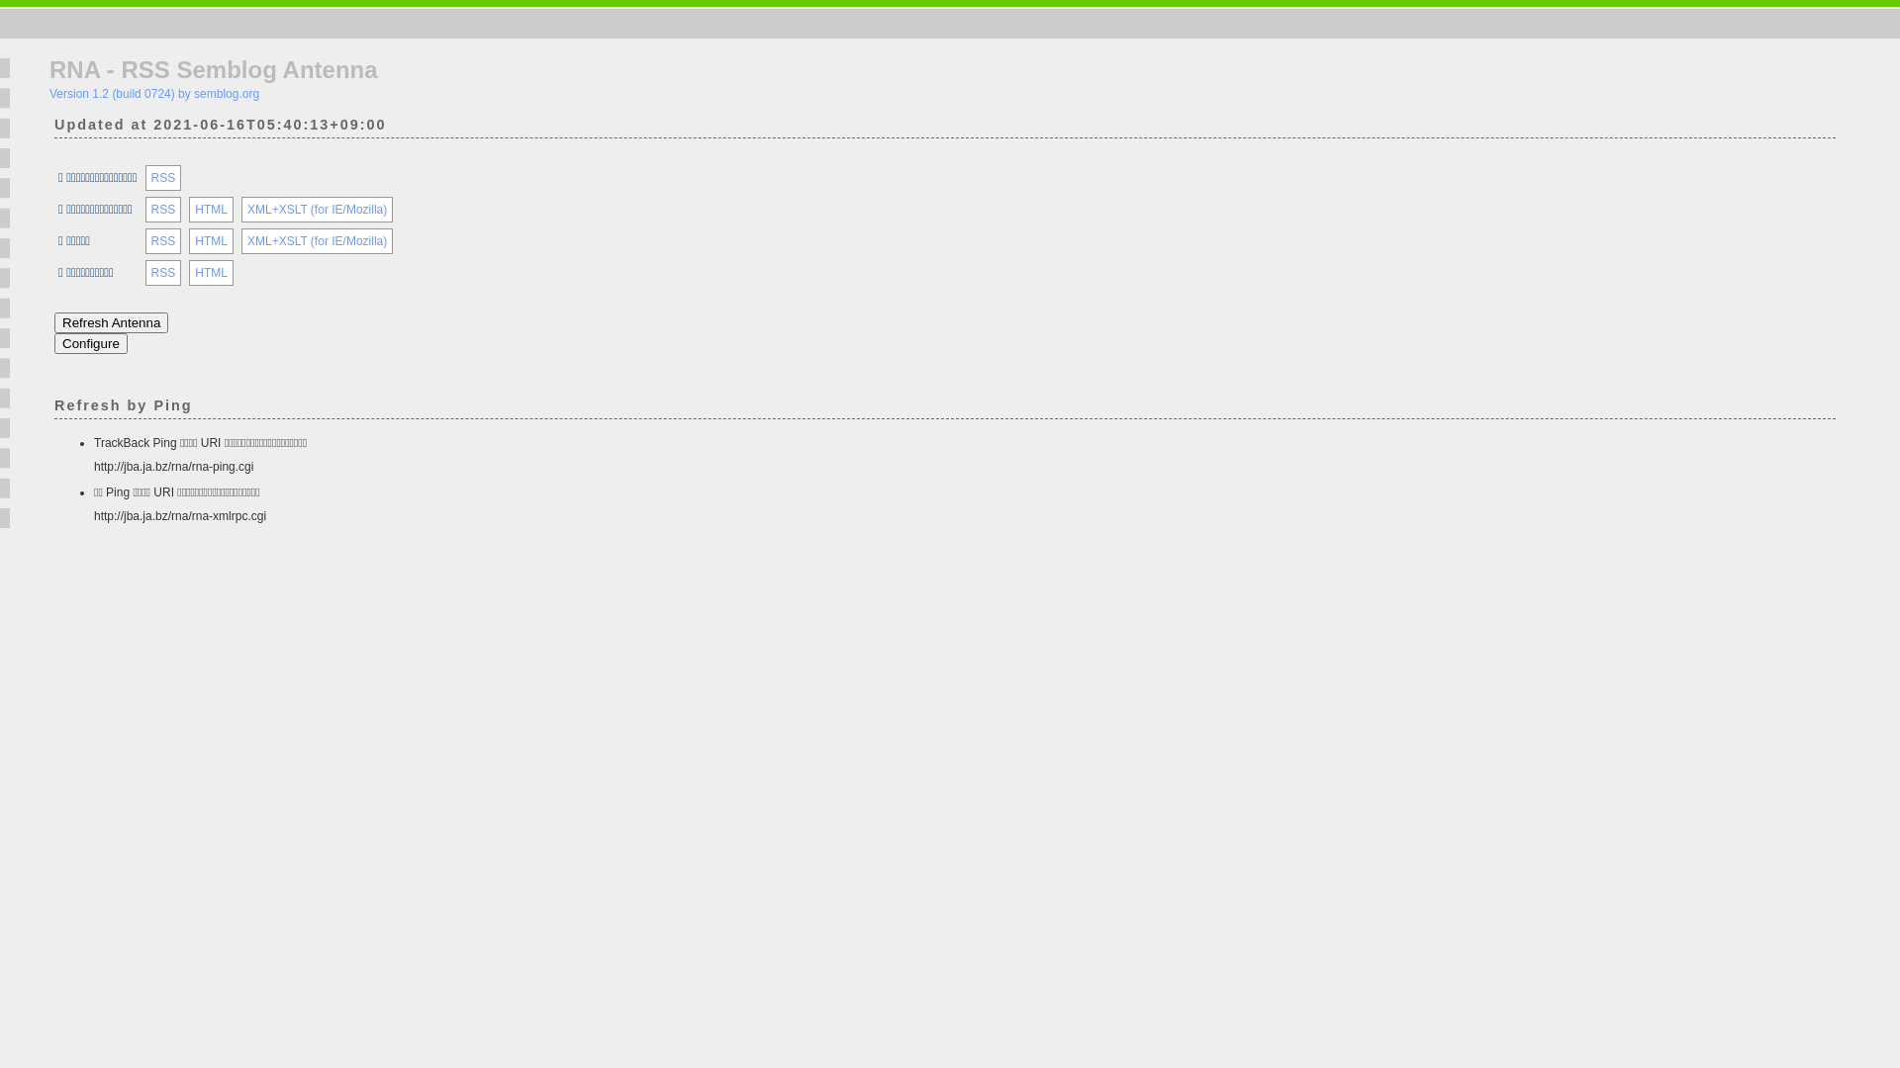  Describe the element at coordinates (110, 321) in the screenshot. I see `'Refresh Antenna'` at that location.